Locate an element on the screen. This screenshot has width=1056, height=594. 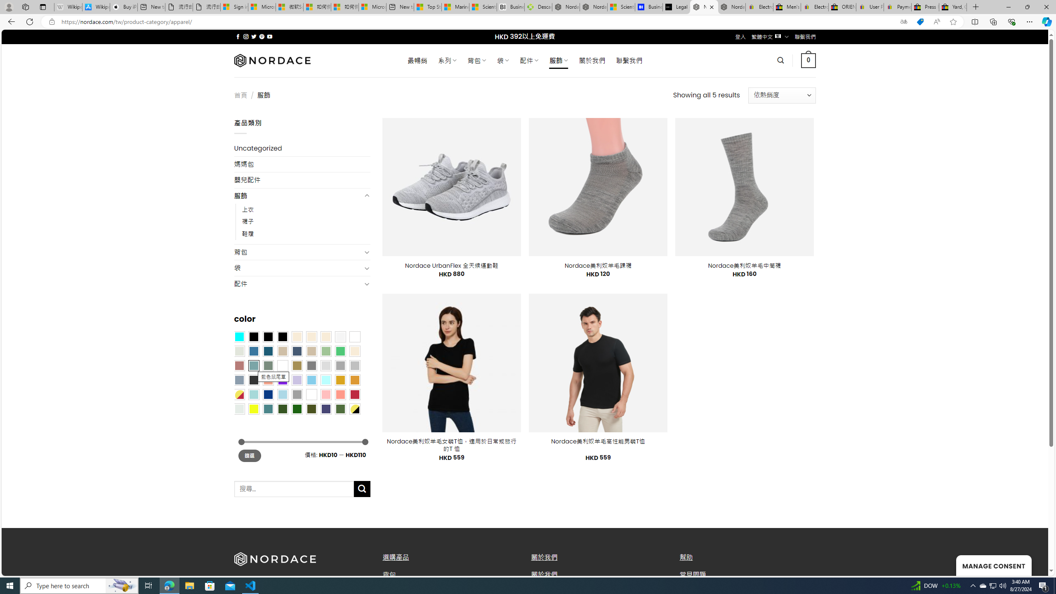
'Marine life - MSN' is located at coordinates (455, 7).